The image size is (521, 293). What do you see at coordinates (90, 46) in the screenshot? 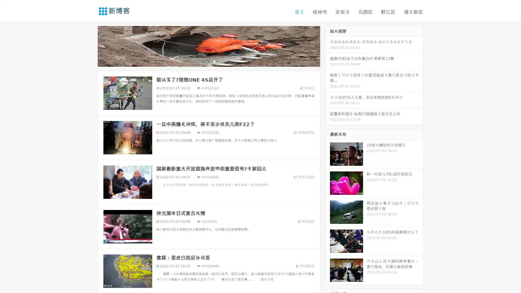
I see `Previous slide` at bounding box center [90, 46].